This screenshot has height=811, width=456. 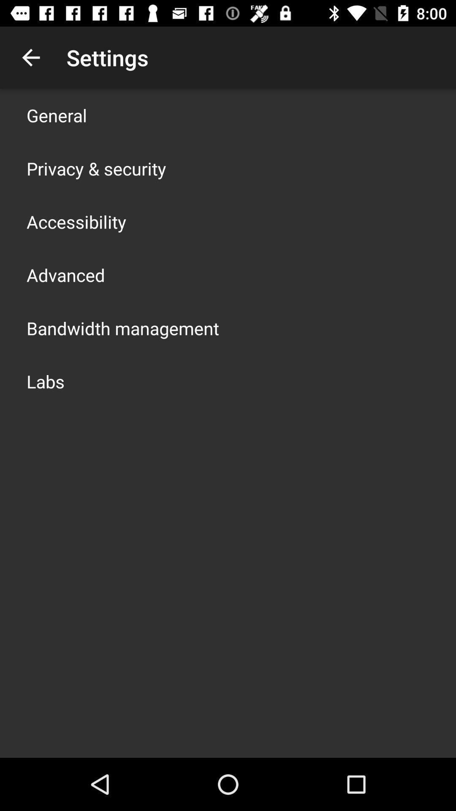 What do you see at coordinates (57, 115) in the screenshot?
I see `general app` at bounding box center [57, 115].